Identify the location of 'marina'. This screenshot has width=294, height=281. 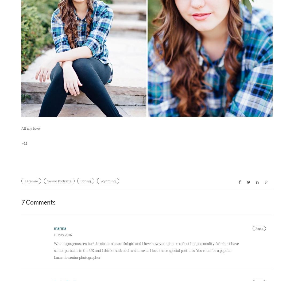
(60, 228).